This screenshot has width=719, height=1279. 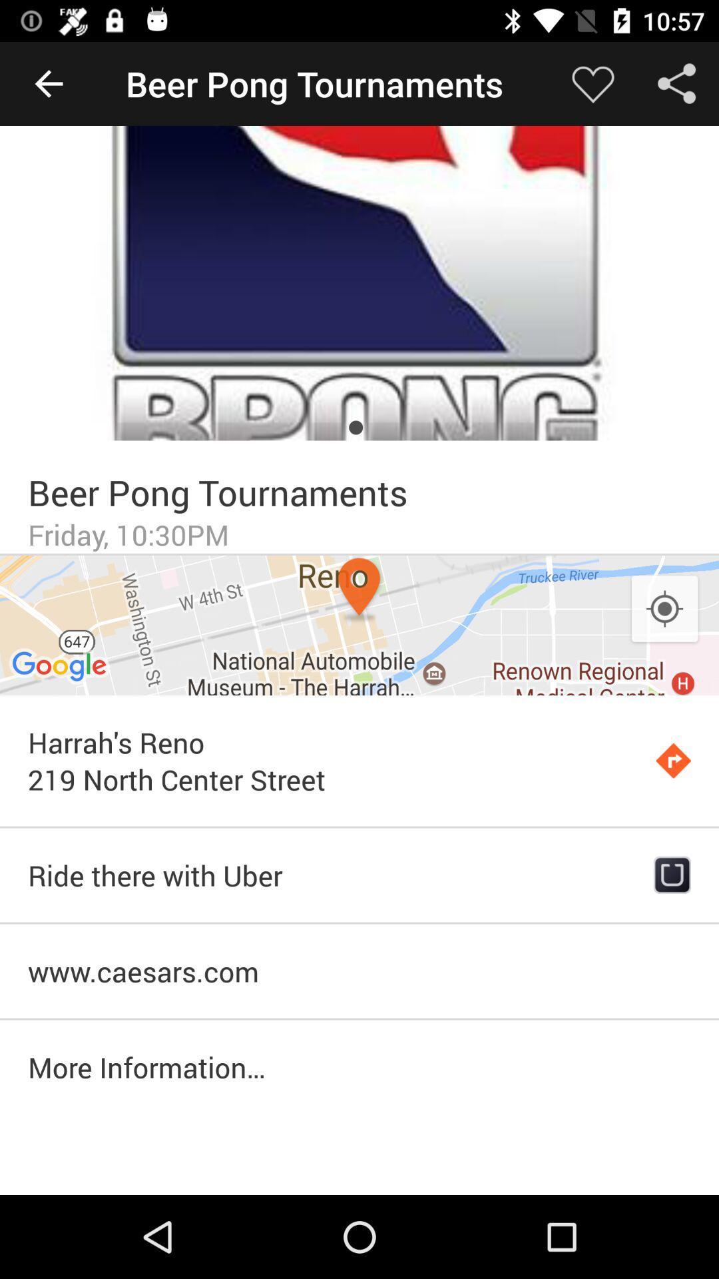 What do you see at coordinates (664, 609) in the screenshot?
I see `the item above the harrah s reno icon` at bounding box center [664, 609].